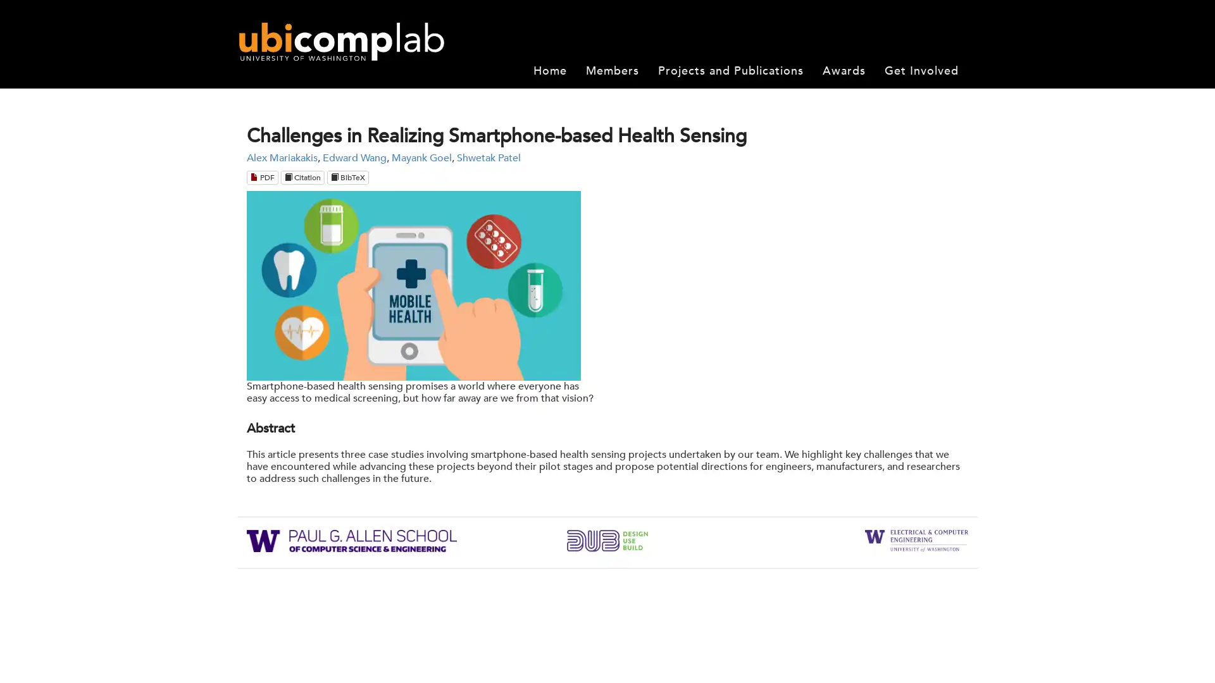 This screenshot has height=683, width=1215. What do you see at coordinates (348, 178) in the screenshot?
I see `BibTeX` at bounding box center [348, 178].